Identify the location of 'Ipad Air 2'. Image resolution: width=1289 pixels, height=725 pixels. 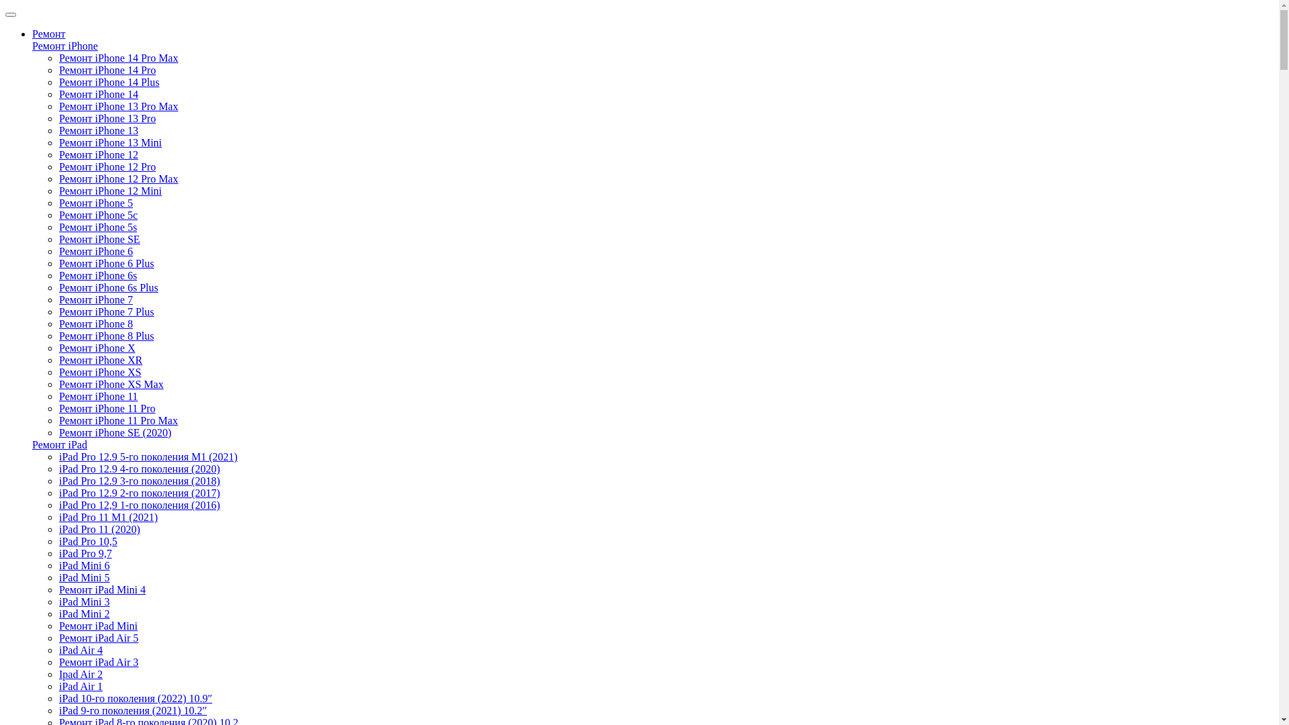
(80, 674).